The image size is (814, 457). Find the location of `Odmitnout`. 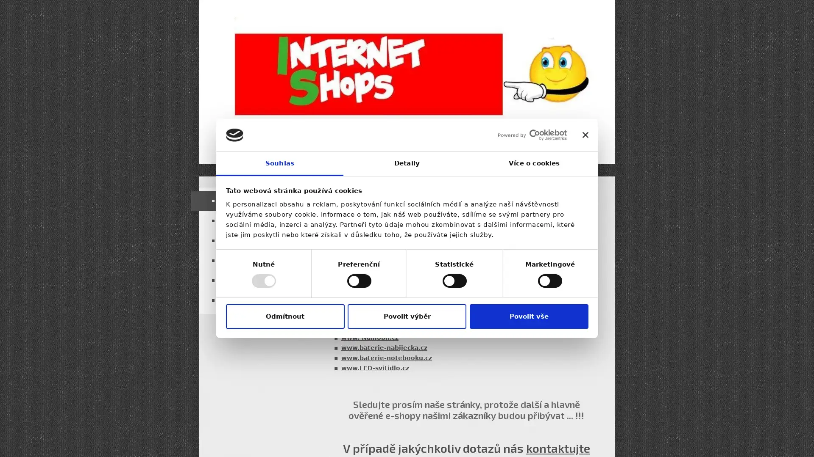

Odmitnout is located at coordinates (285, 316).